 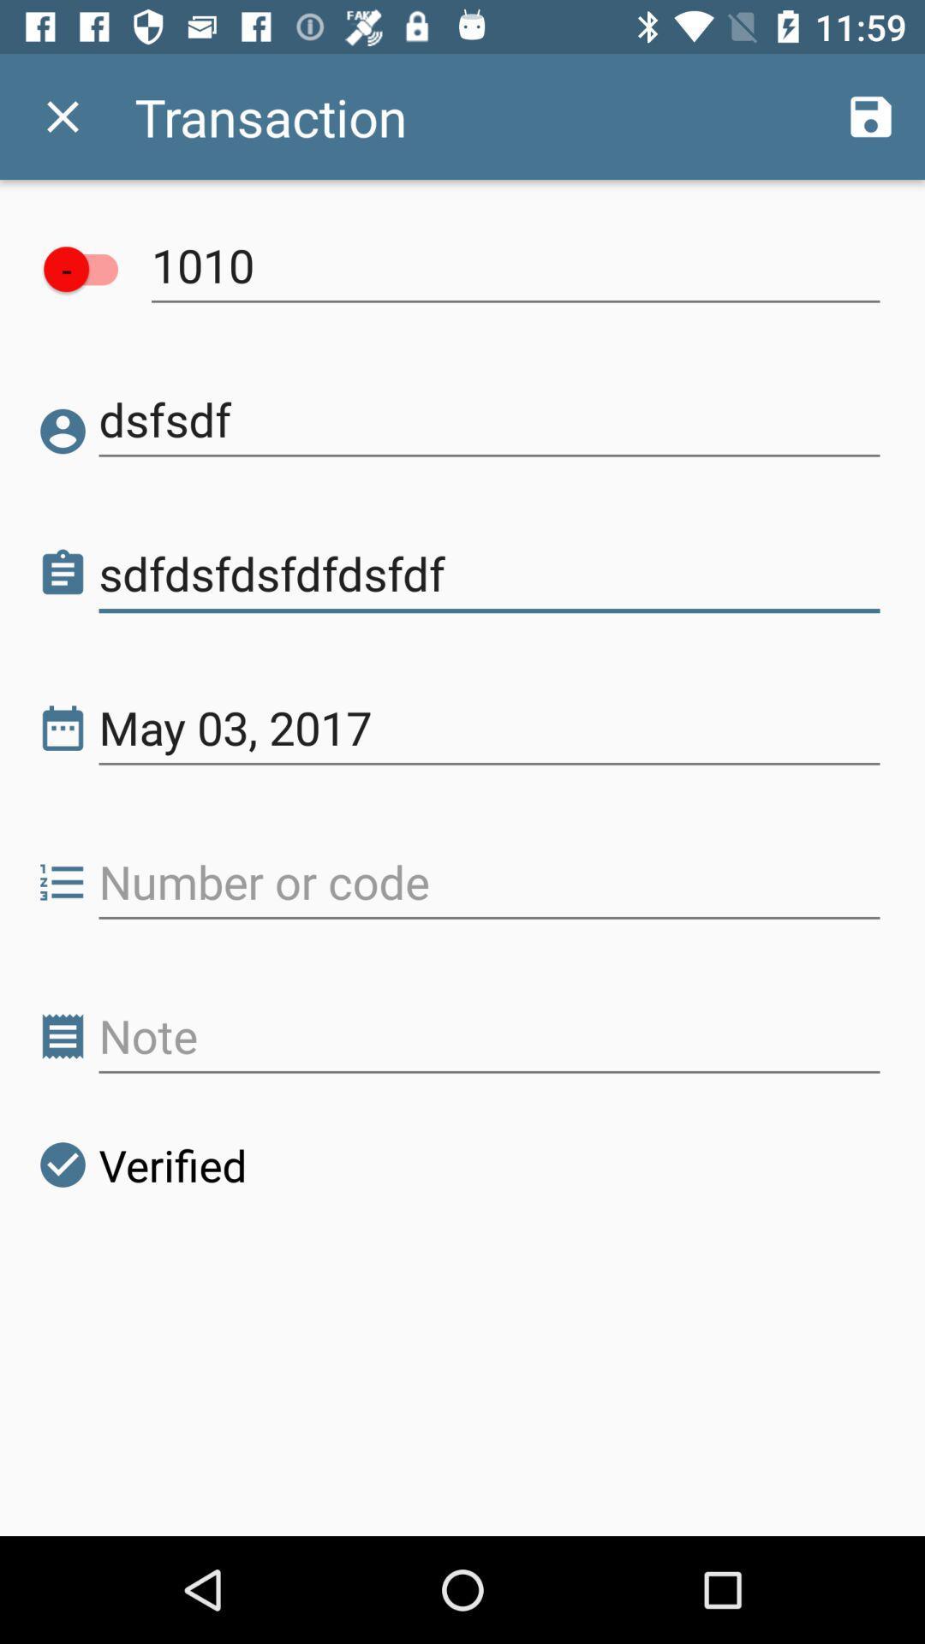 What do you see at coordinates (62, 574) in the screenshot?
I see `icon to the left of sdfdsfdsfdfdsfdf` at bounding box center [62, 574].